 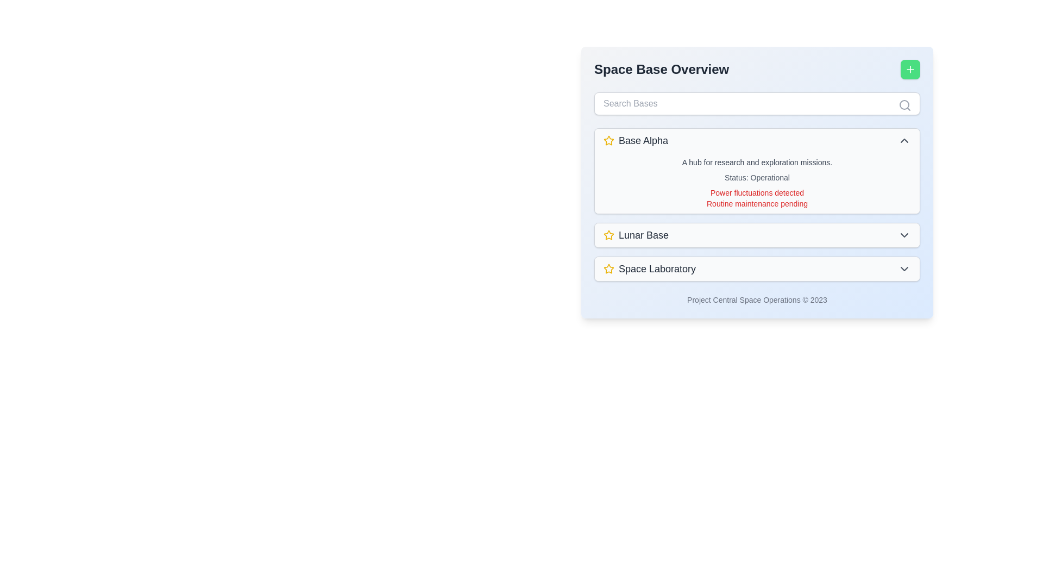 I want to click on the footer label displaying 'Project Central Space Operations © 2023', located at the bottom of the panel, just below 'Space Laboratory', so click(x=756, y=299).